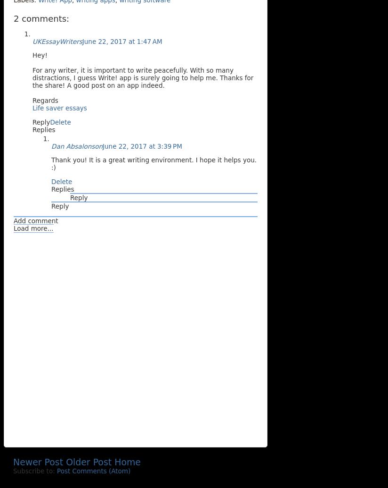  What do you see at coordinates (41, 18) in the screenshot?
I see `'2 comments:'` at bounding box center [41, 18].